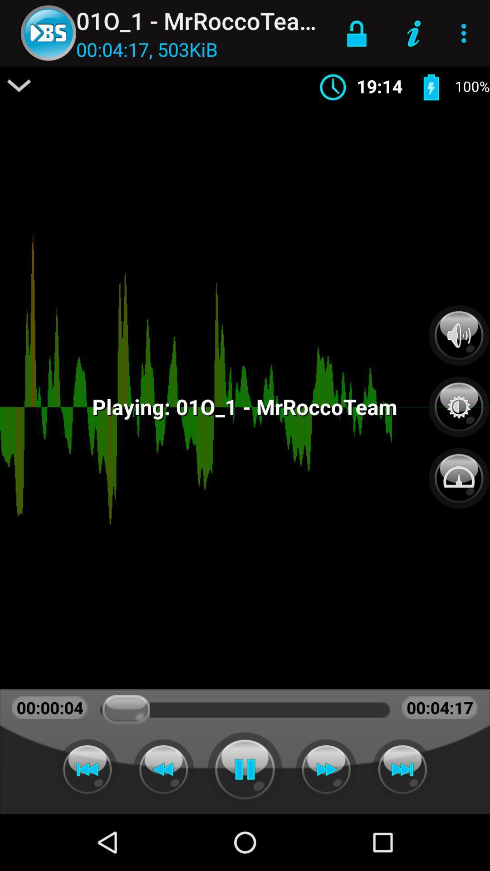 Image resolution: width=490 pixels, height=871 pixels. I want to click on setting button, so click(459, 401).